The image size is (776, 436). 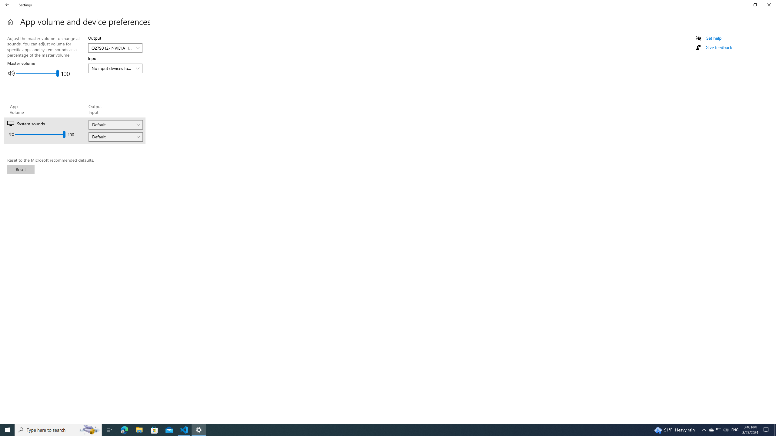 What do you see at coordinates (154, 429) in the screenshot?
I see `'Microsoft Store'` at bounding box center [154, 429].